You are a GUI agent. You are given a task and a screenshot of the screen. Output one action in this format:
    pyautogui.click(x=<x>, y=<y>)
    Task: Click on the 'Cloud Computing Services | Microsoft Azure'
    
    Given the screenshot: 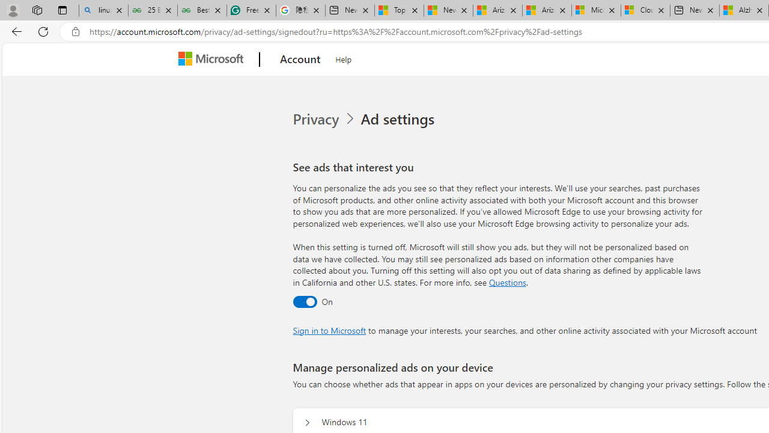 What is the action you would take?
    pyautogui.click(x=645, y=10)
    